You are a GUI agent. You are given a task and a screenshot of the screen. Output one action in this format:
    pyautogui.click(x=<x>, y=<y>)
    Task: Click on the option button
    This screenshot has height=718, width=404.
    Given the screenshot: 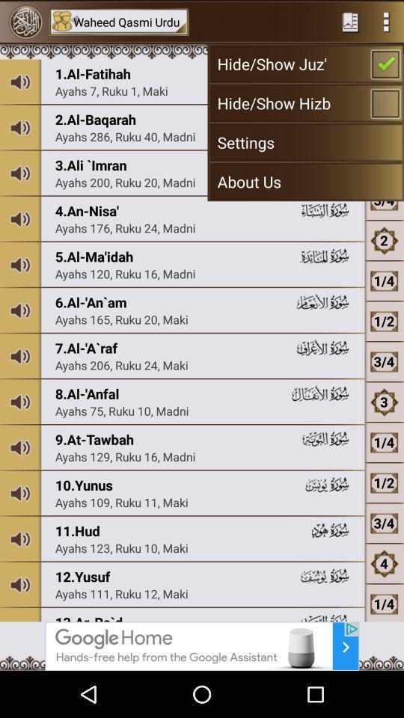 What is the action you would take?
    pyautogui.click(x=386, y=21)
    